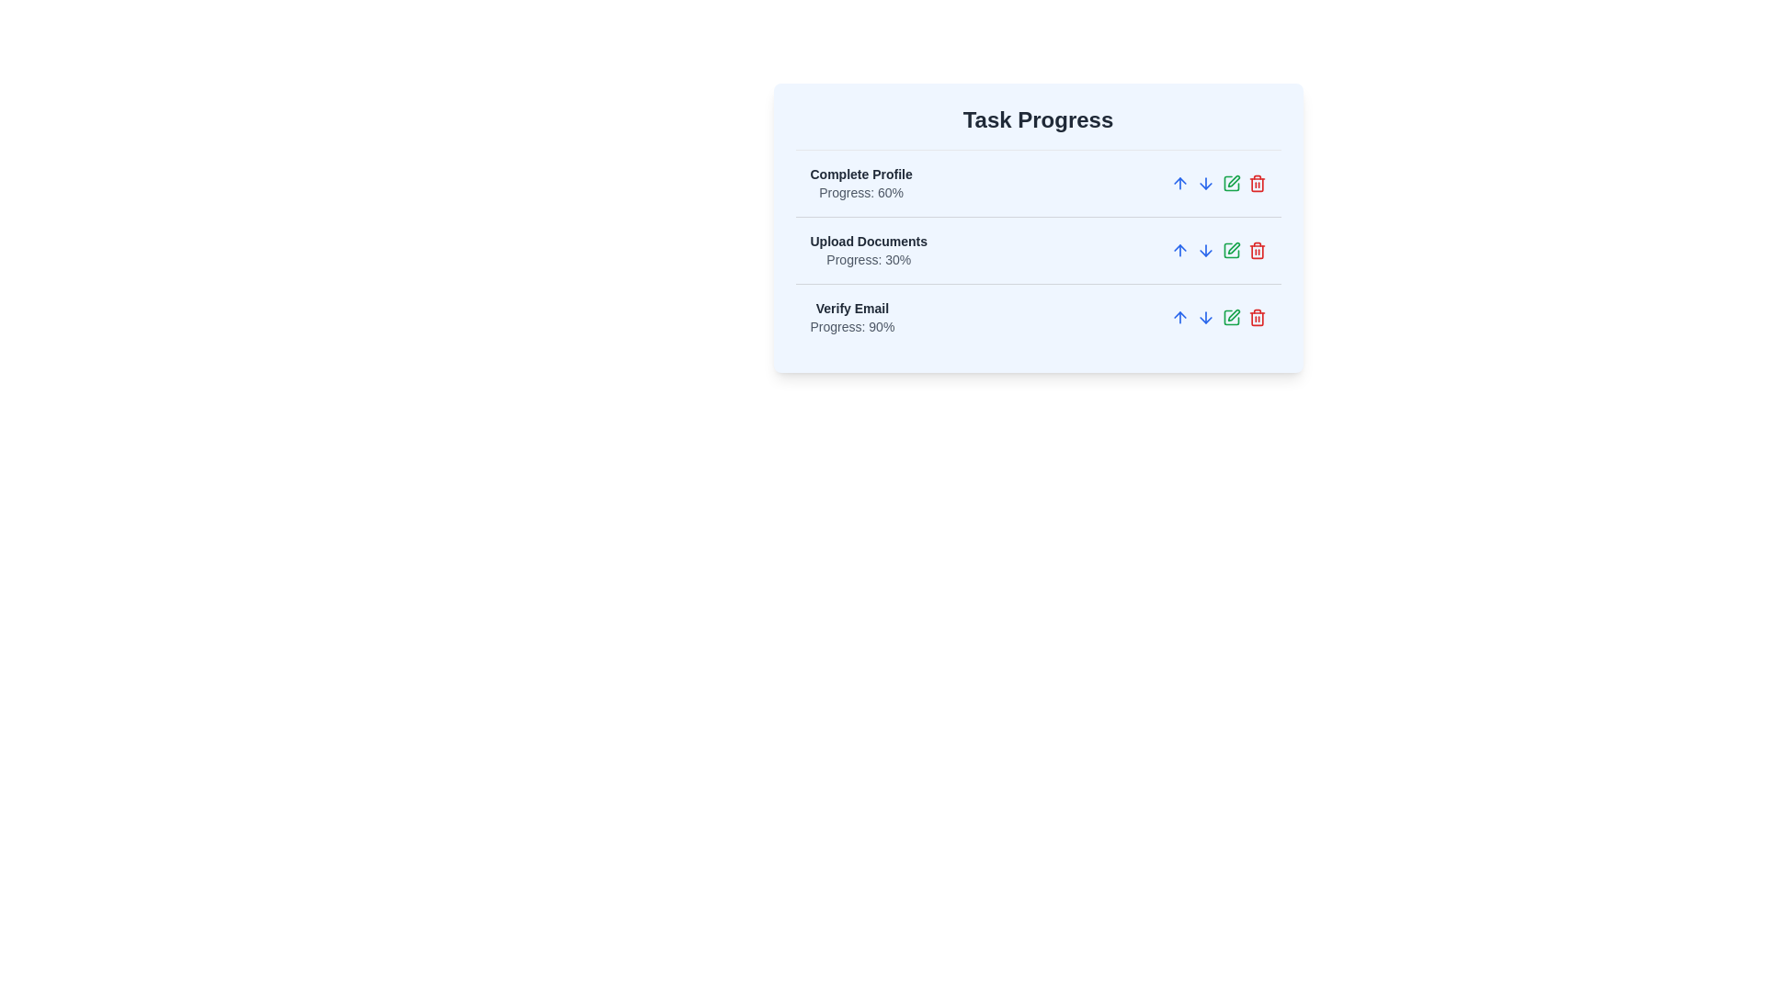  I want to click on the second icon in the 'Upload Documents' task row, so click(1234, 248).